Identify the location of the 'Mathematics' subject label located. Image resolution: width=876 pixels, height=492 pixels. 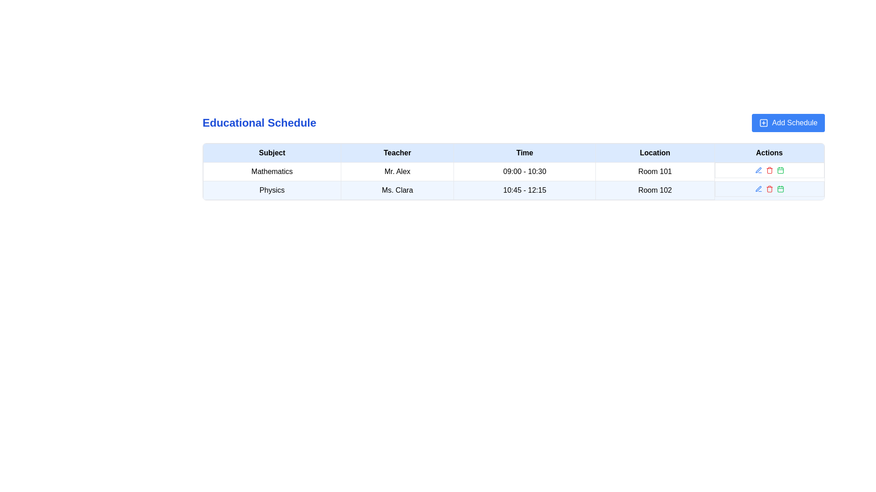
(271, 172).